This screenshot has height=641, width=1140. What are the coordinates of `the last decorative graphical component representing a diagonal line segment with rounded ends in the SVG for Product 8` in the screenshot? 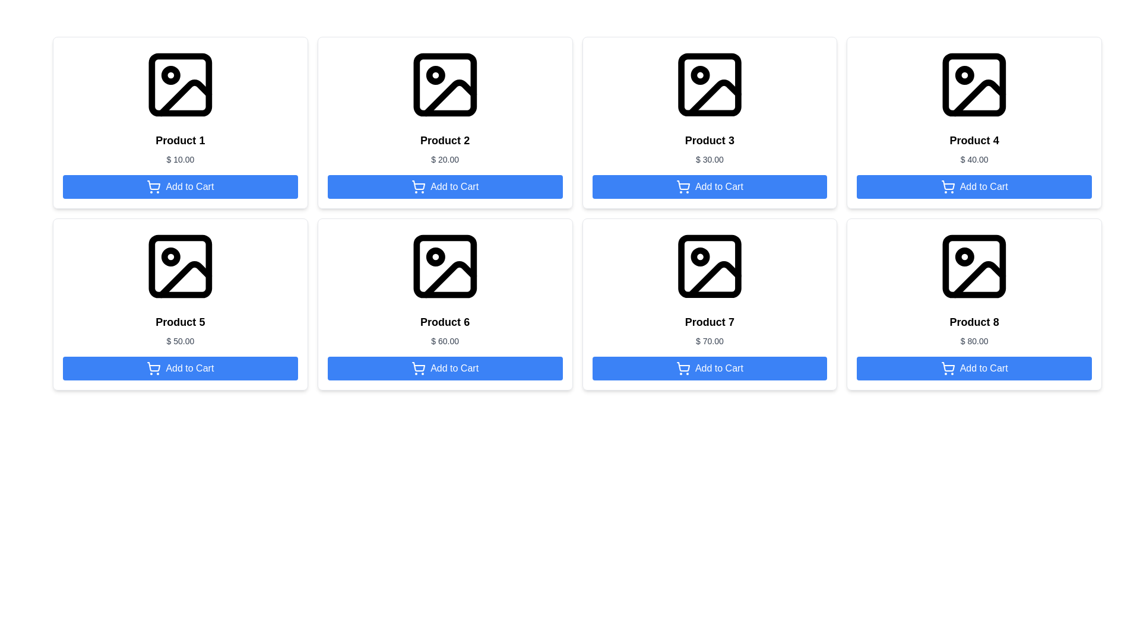 It's located at (979, 280).